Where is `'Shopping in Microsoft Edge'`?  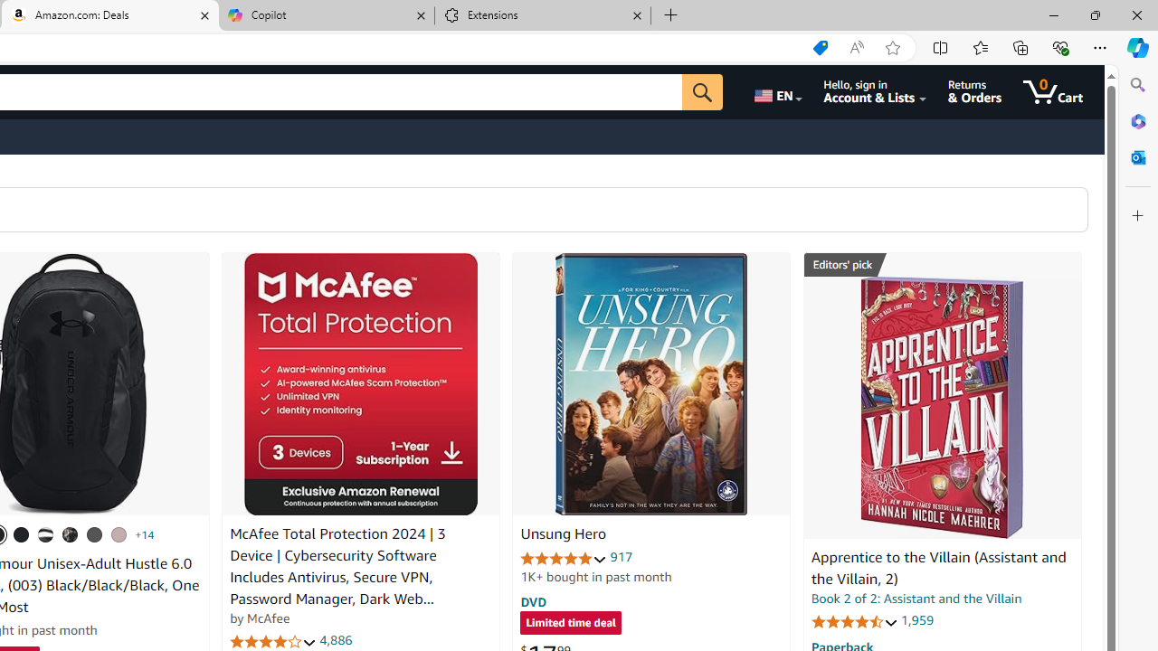 'Shopping in Microsoft Edge' is located at coordinates (819, 47).